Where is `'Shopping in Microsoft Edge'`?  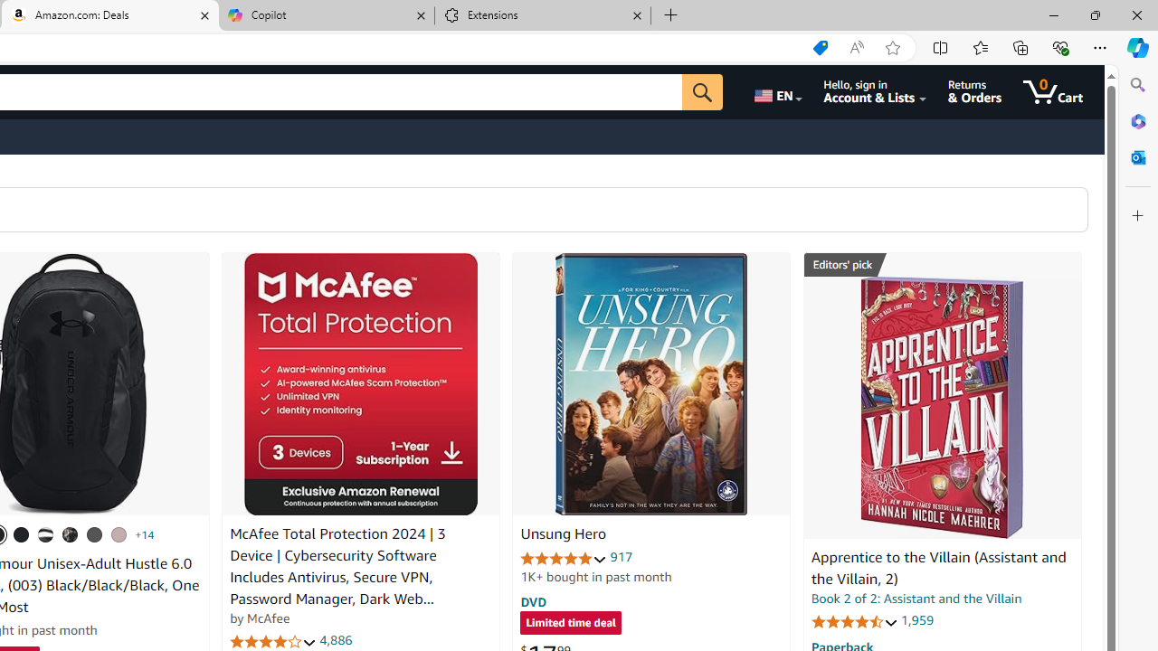 'Shopping in Microsoft Edge' is located at coordinates (819, 47).